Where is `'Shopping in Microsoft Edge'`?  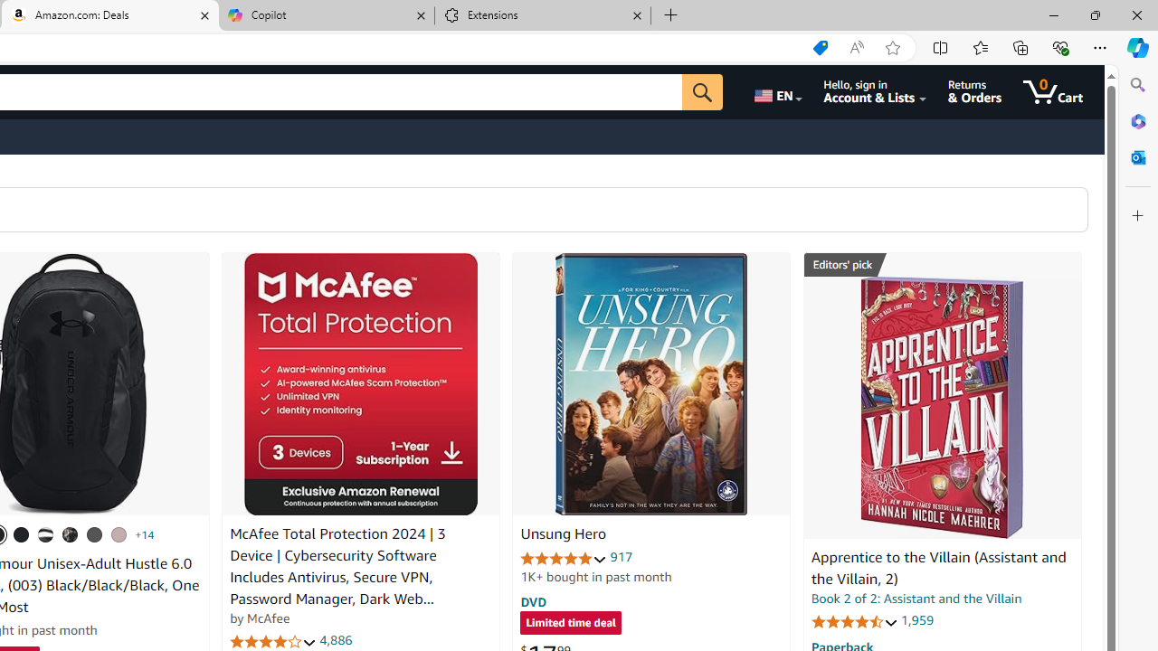 'Shopping in Microsoft Edge' is located at coordinates (819, 47).